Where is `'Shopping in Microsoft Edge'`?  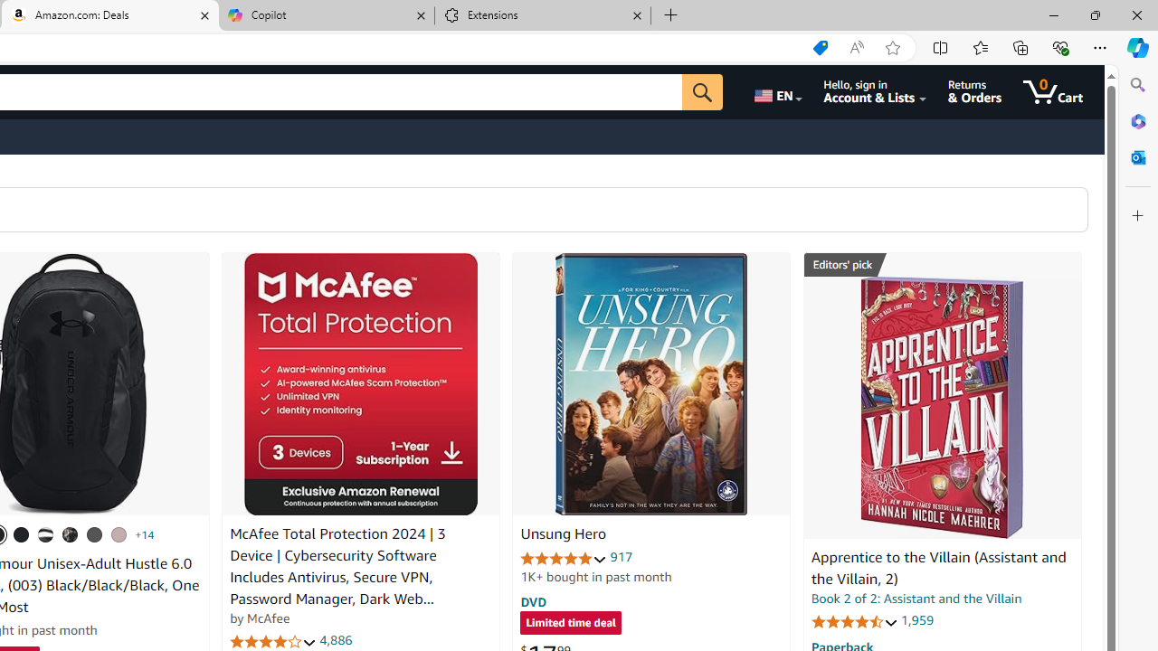 'Shopping in Microsoft Edge' is located at coordinates (819, 47).